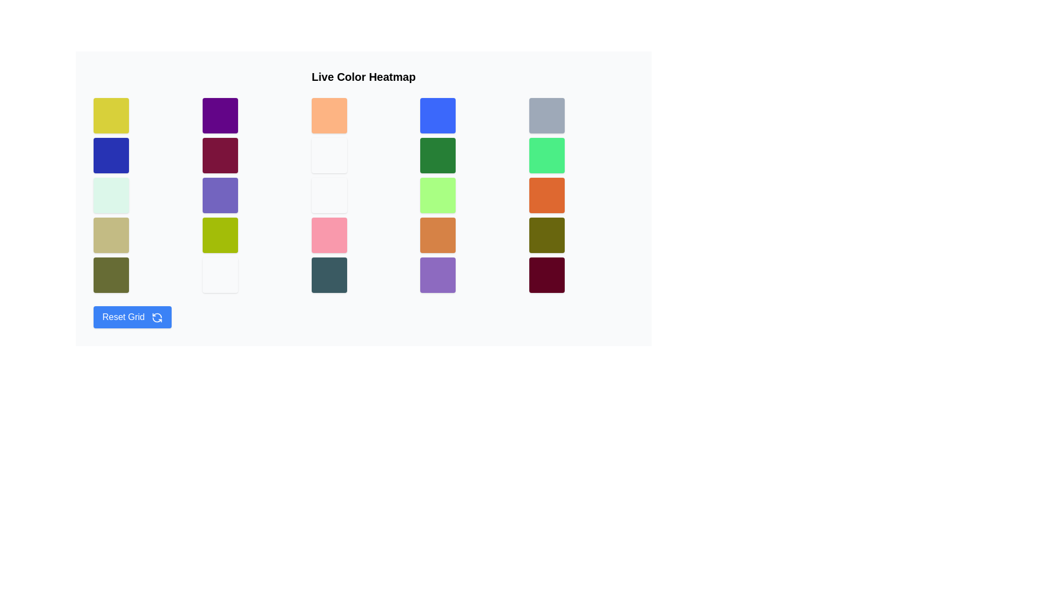 The image size is (1063, 598). Describe the element at coordinates (111, 275) in the screenshot. I see `the displayed color of the greenish square block with rounded borders located in the bottom-most row of the left-most column of the grid` at that location.